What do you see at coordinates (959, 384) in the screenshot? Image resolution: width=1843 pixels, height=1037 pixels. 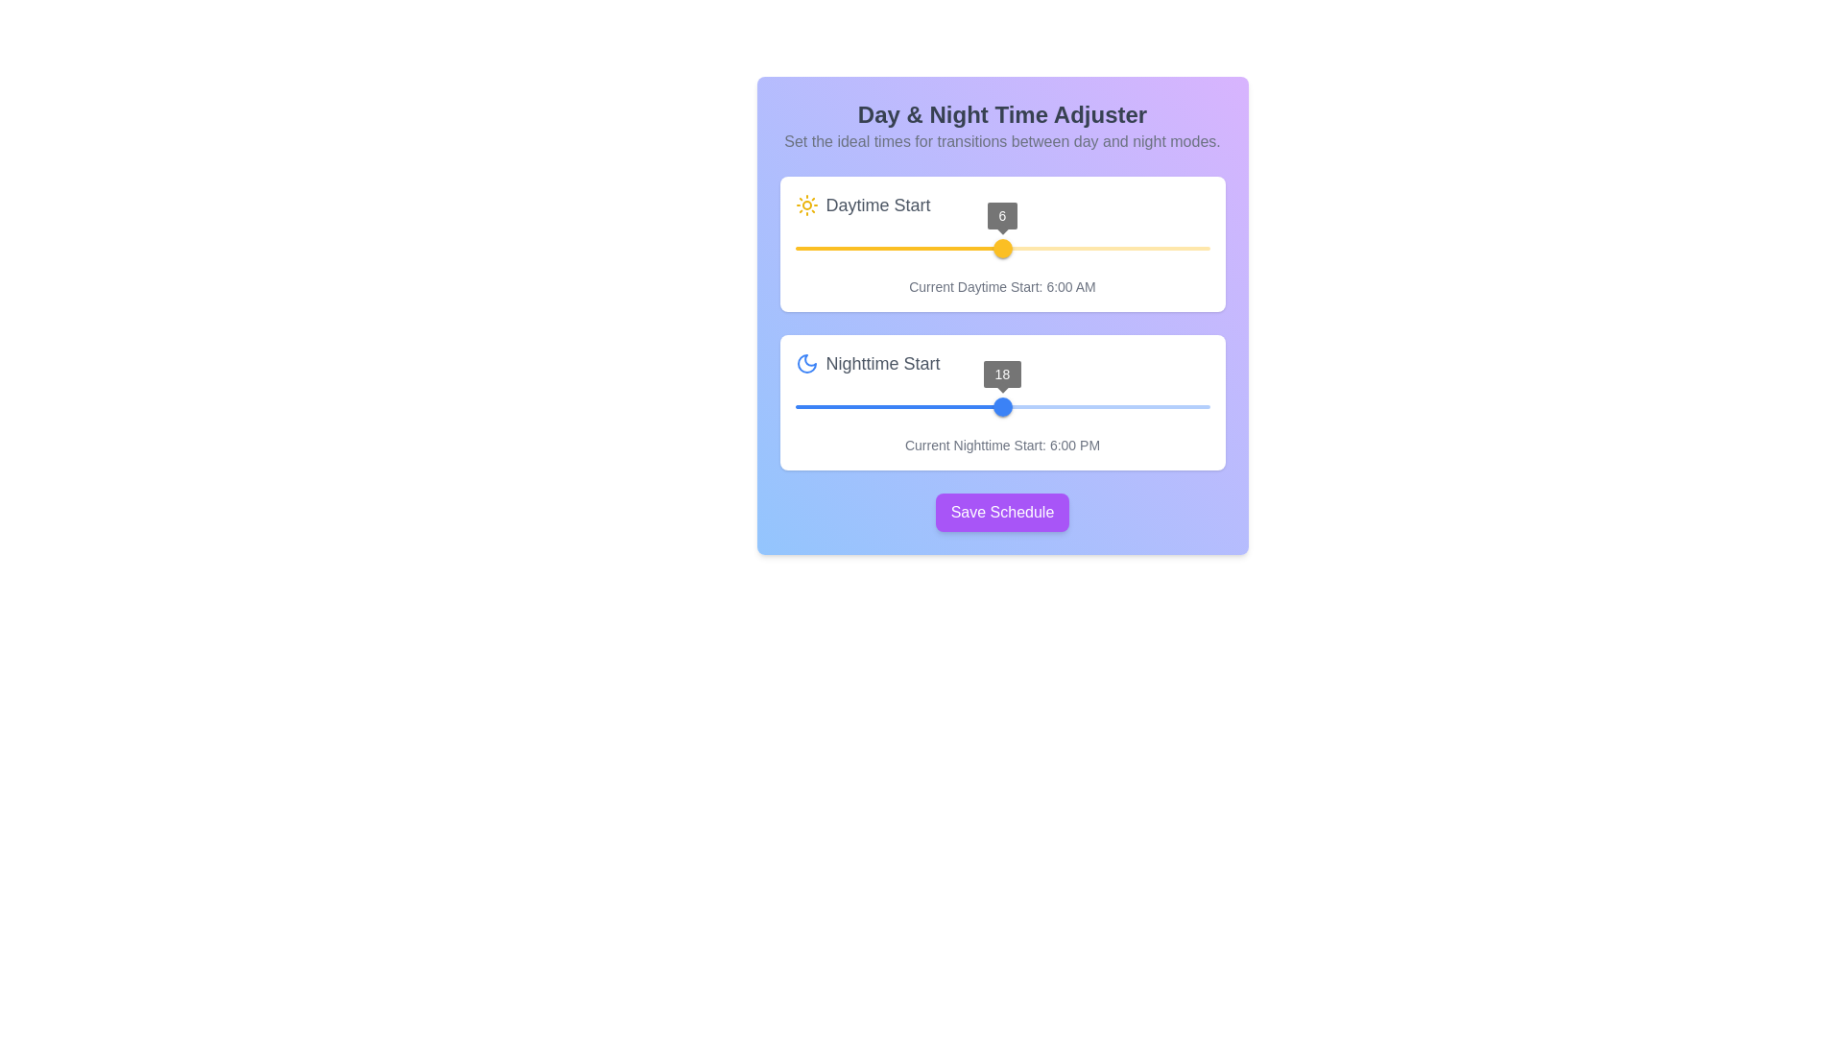 I see `the nighttime start hour` at bounding box center [959, 384].